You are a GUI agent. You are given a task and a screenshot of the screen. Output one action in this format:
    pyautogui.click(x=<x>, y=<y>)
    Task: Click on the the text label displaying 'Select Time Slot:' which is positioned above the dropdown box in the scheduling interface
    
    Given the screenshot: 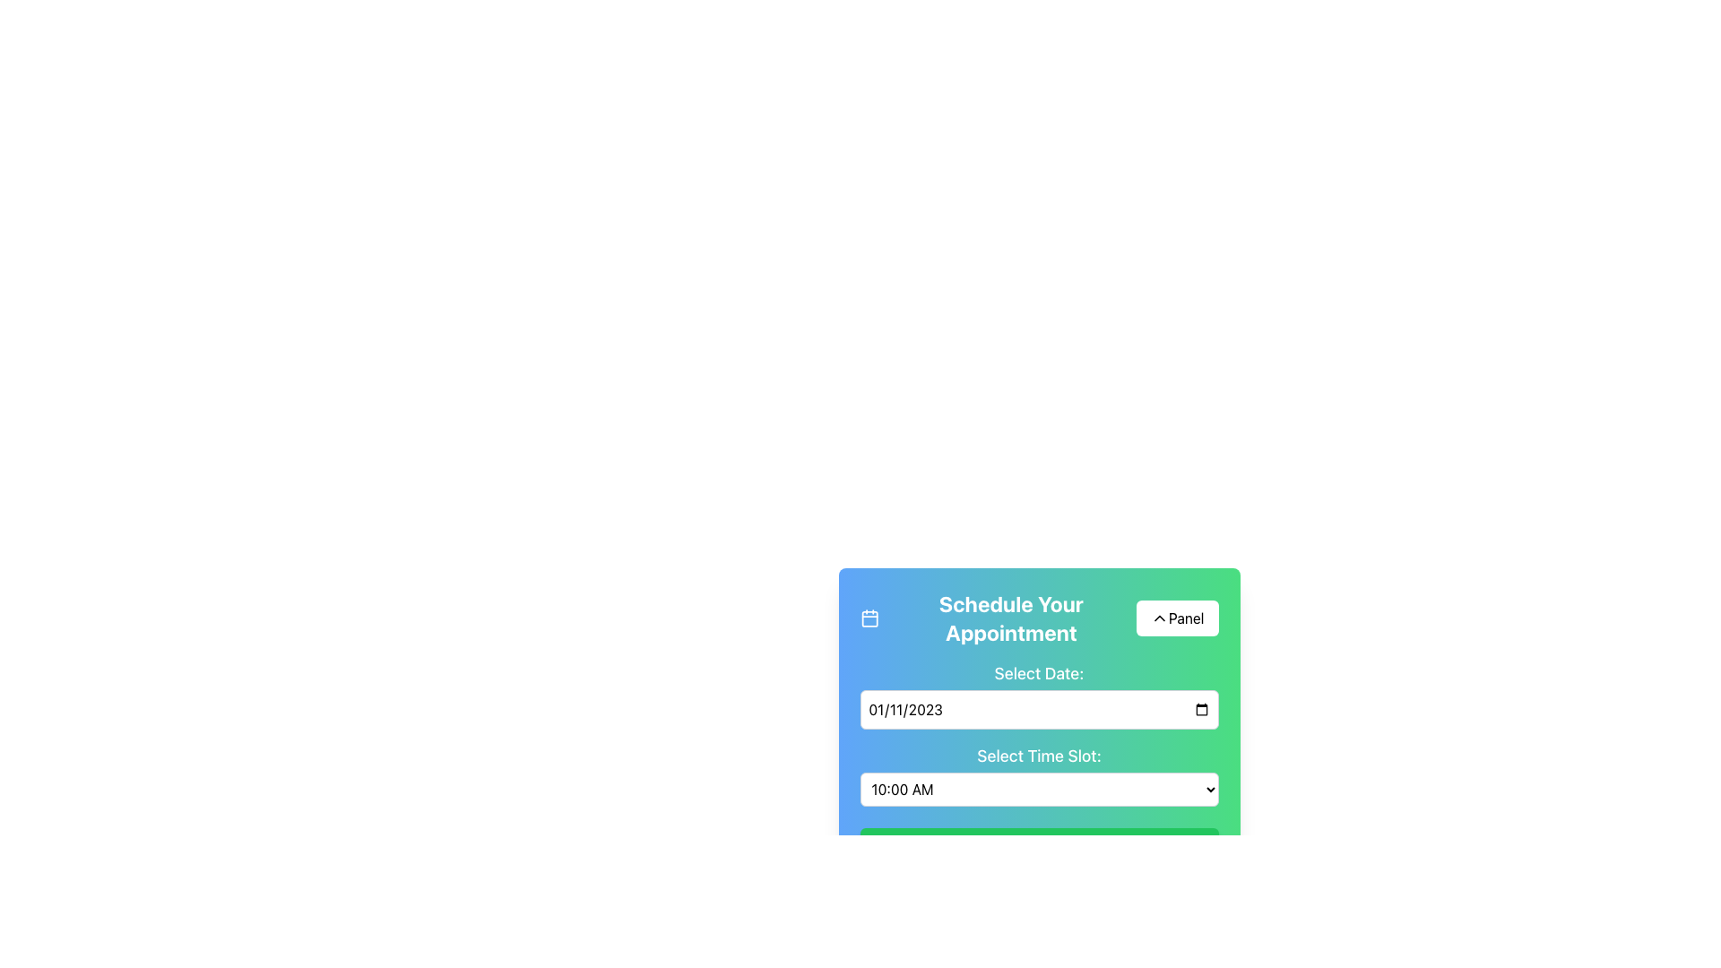 What is the action you would take?
    pyautogui.click(x=1039, y=756)
    